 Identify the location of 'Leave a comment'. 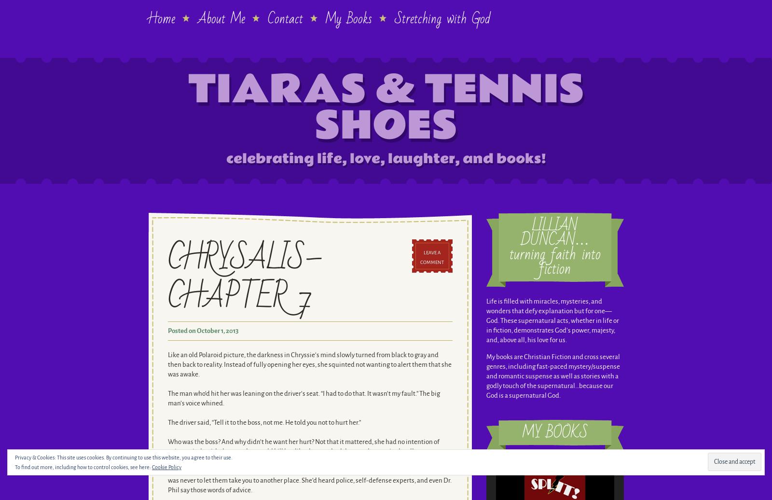
(431, 257).